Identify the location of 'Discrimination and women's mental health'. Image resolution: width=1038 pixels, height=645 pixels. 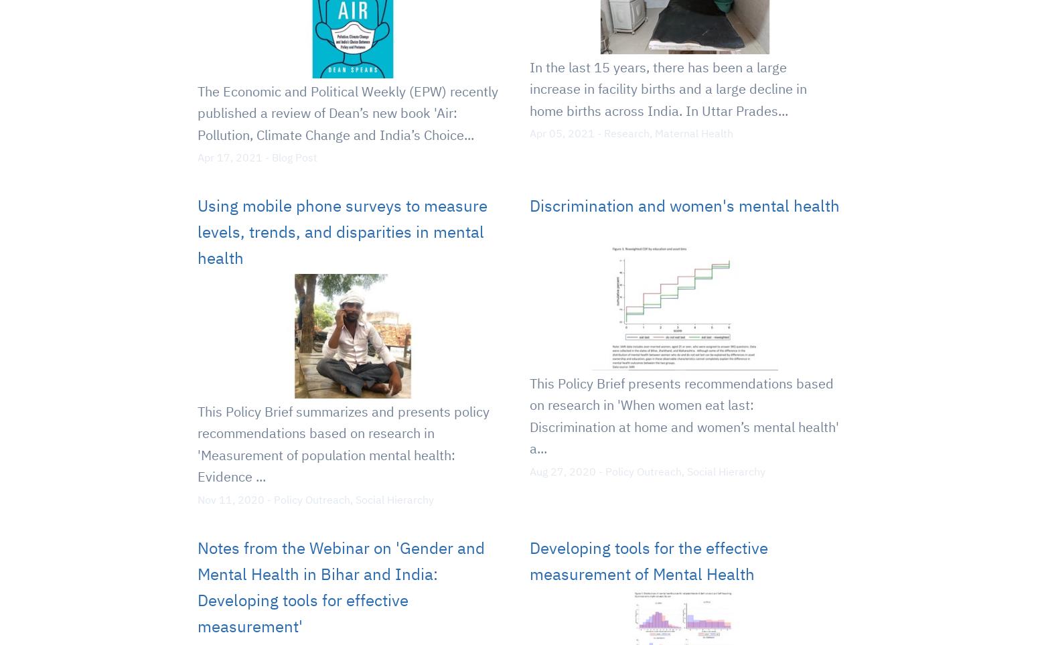
(528, 206).